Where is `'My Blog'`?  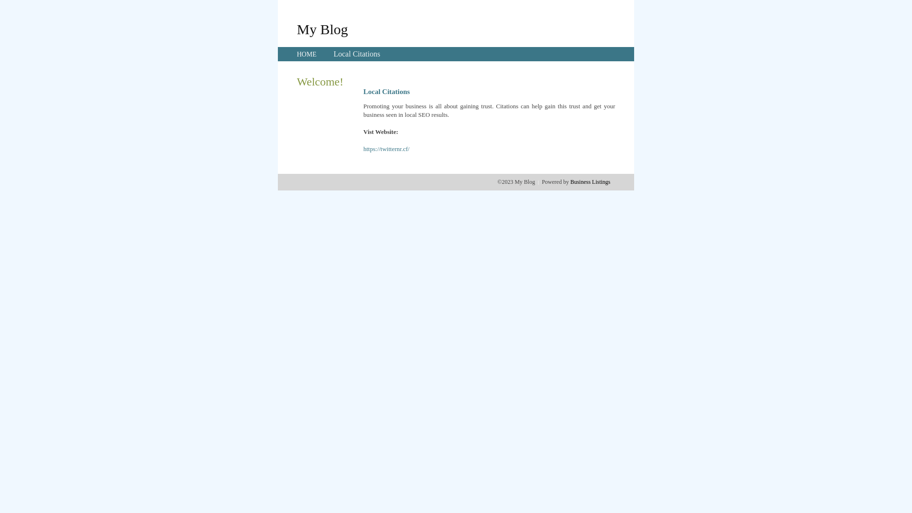 'My Blog' is located at coordinates (322, 28).